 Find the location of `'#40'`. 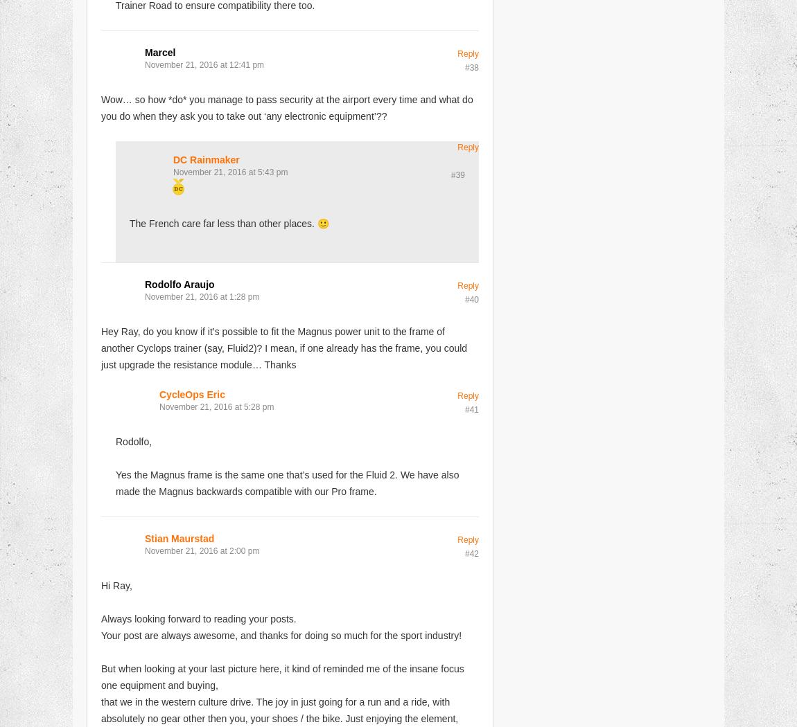

'#40' is located at coordinates (471, 298).